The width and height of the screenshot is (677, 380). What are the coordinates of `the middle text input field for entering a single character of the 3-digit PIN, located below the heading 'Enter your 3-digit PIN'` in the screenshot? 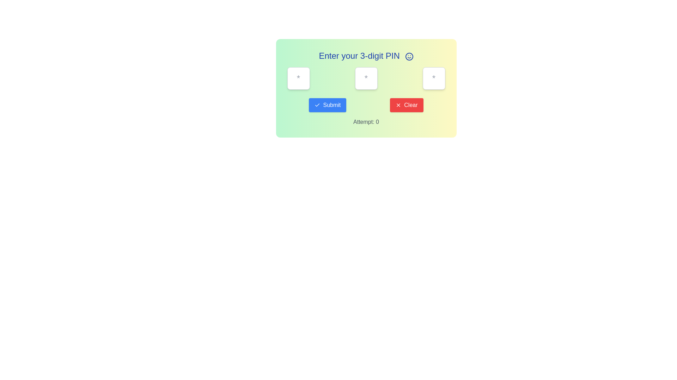 It's located at (366, 88).